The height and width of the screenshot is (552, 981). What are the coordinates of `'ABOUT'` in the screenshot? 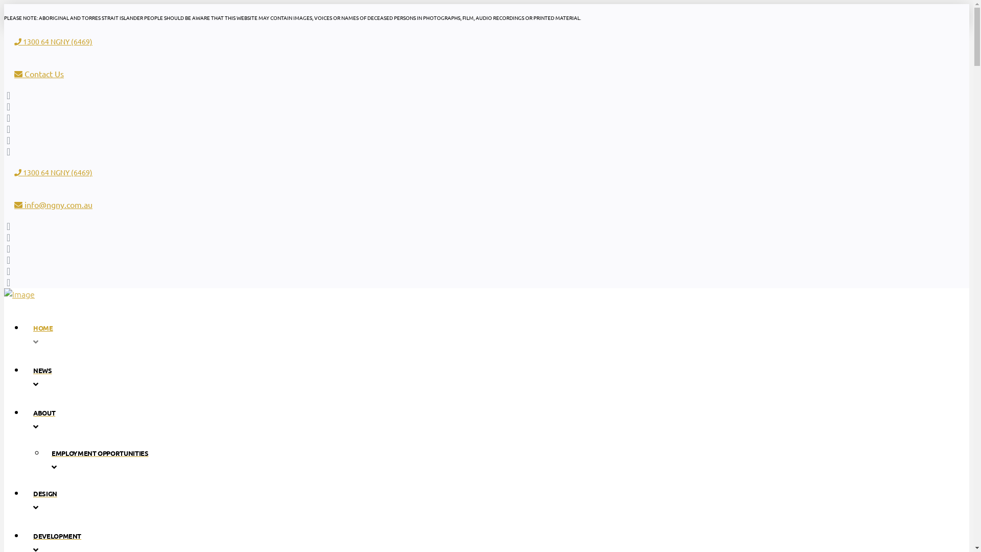 It's located at (320, 419).